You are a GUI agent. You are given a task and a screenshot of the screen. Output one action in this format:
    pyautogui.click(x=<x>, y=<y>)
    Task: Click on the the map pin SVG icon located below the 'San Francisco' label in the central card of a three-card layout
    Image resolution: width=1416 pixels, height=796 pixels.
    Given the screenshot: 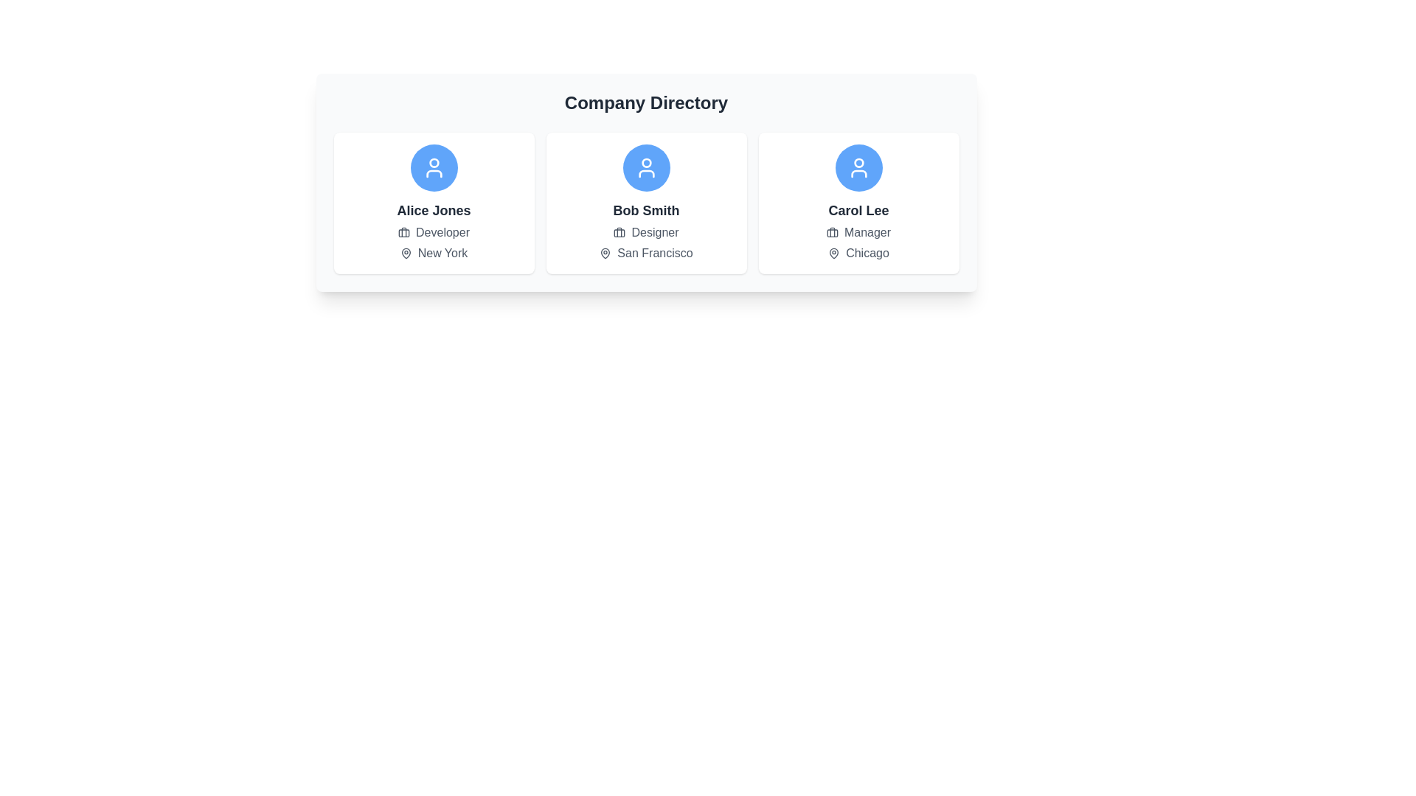 What is the action you would take?
    pyautogui.click(x=605, y=252)
    